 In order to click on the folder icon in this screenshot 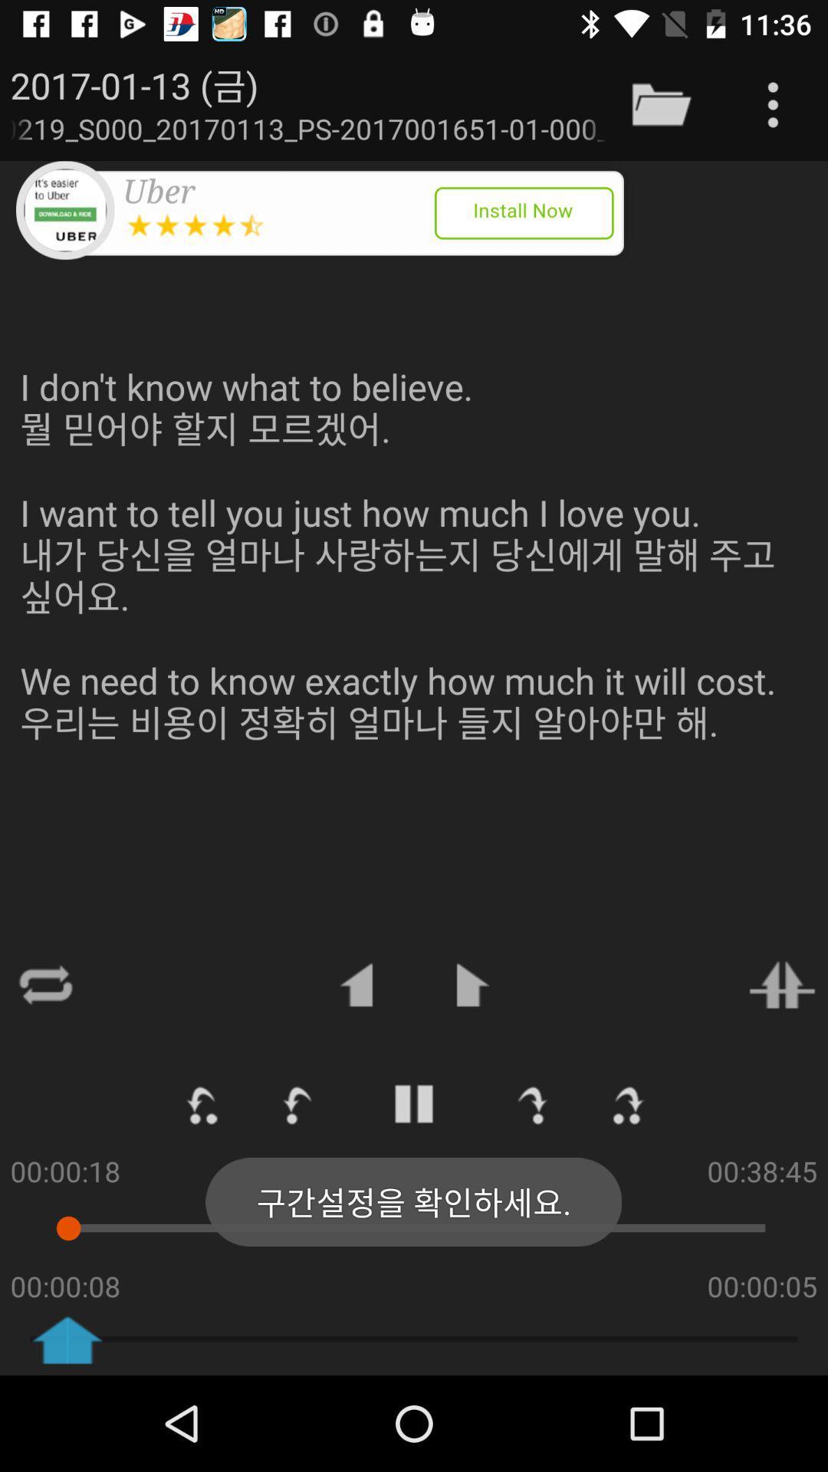, I will do `click(661, 103)`.